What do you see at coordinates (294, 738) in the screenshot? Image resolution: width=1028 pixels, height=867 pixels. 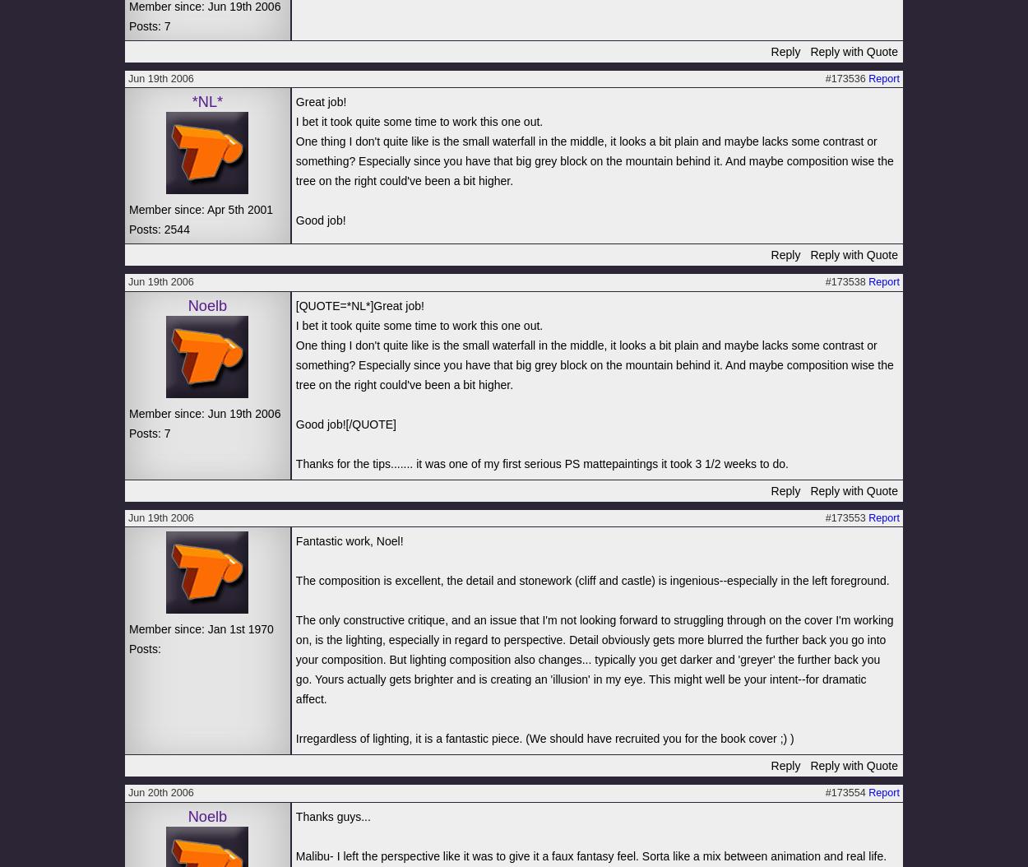 I see `'Irregardless of lighting, it is a fantastic piece.  (We should have recruited you for the book cover ;) )'` at bounding box center [294, 738].